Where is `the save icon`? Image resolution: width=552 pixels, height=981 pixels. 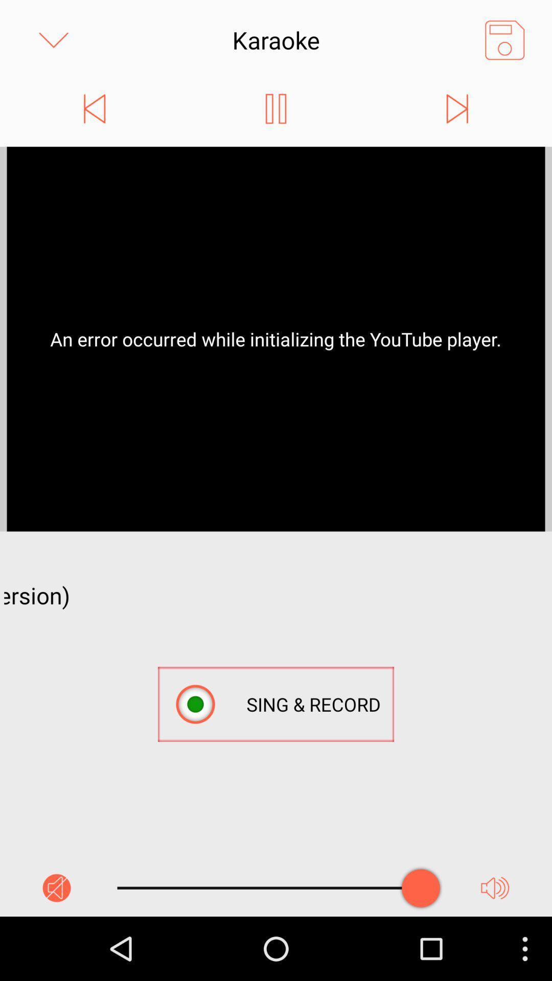 the save icon is located at coordinates (504, 42).